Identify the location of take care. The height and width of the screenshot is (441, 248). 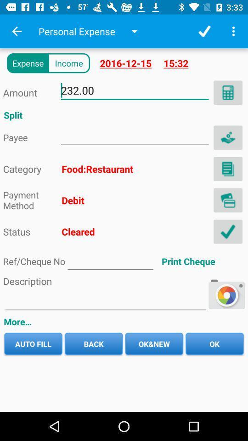
(227, 137).